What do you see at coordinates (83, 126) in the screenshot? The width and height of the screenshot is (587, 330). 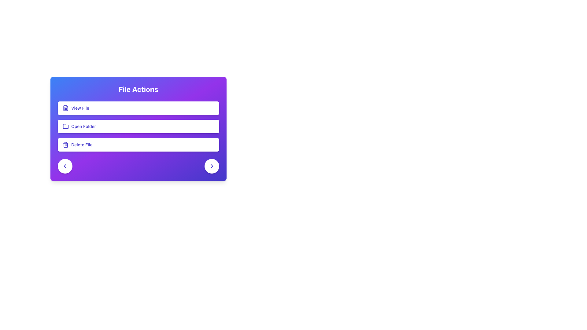 I see `the 'Open Folder' text label/button` at bounding box center [83, 126].